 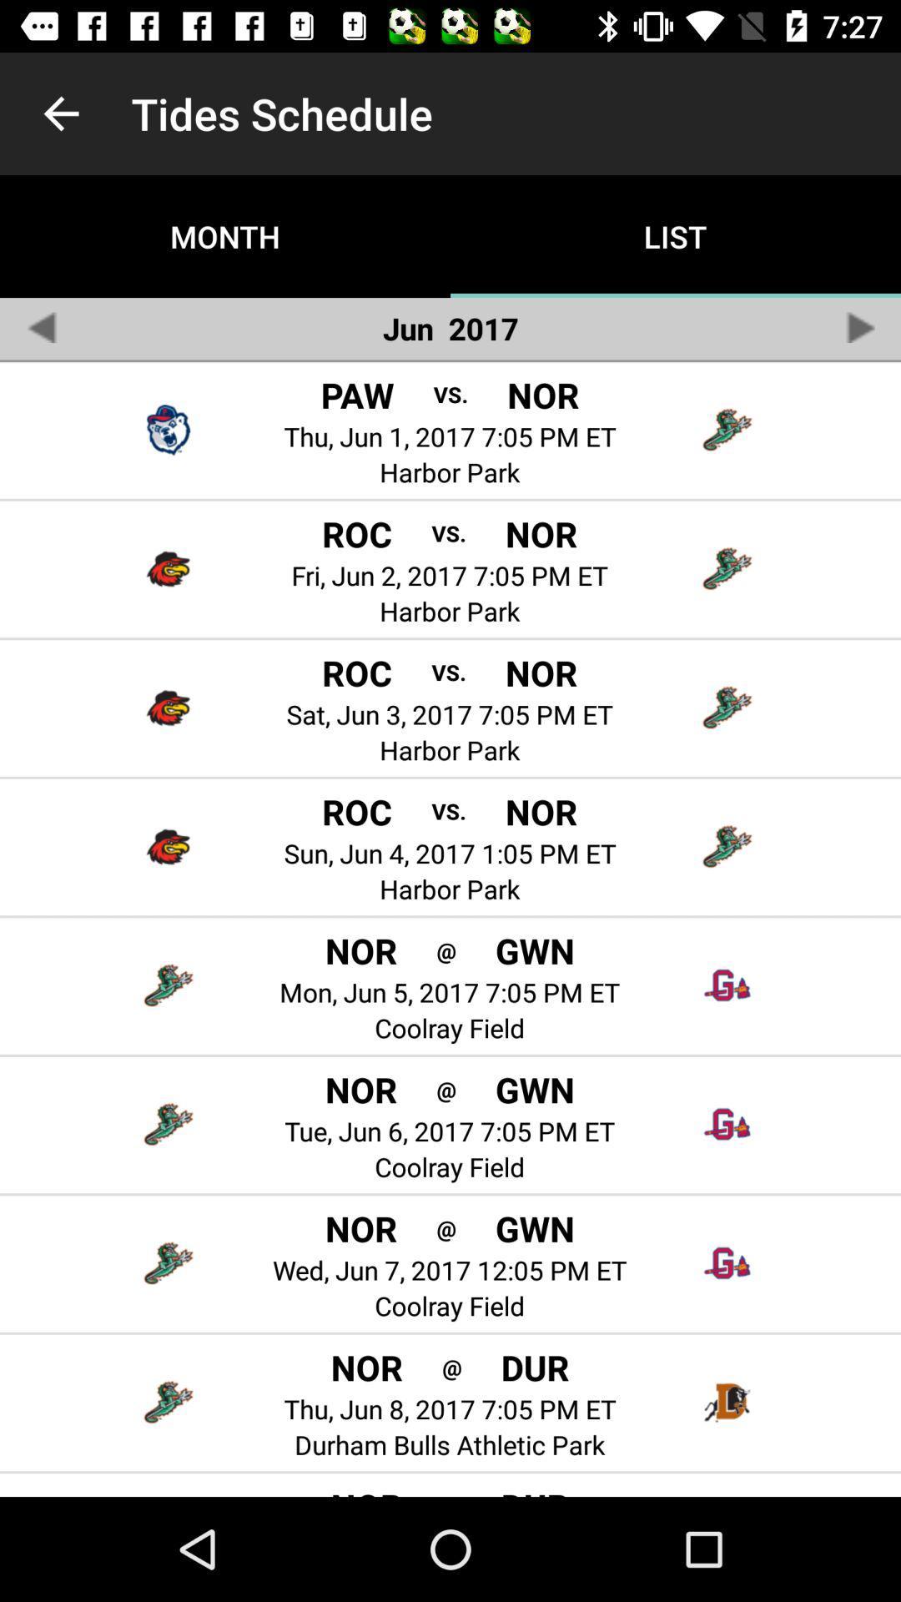 I want to click on the icon to the left of the dur icon, so click(x=451, y=1367).